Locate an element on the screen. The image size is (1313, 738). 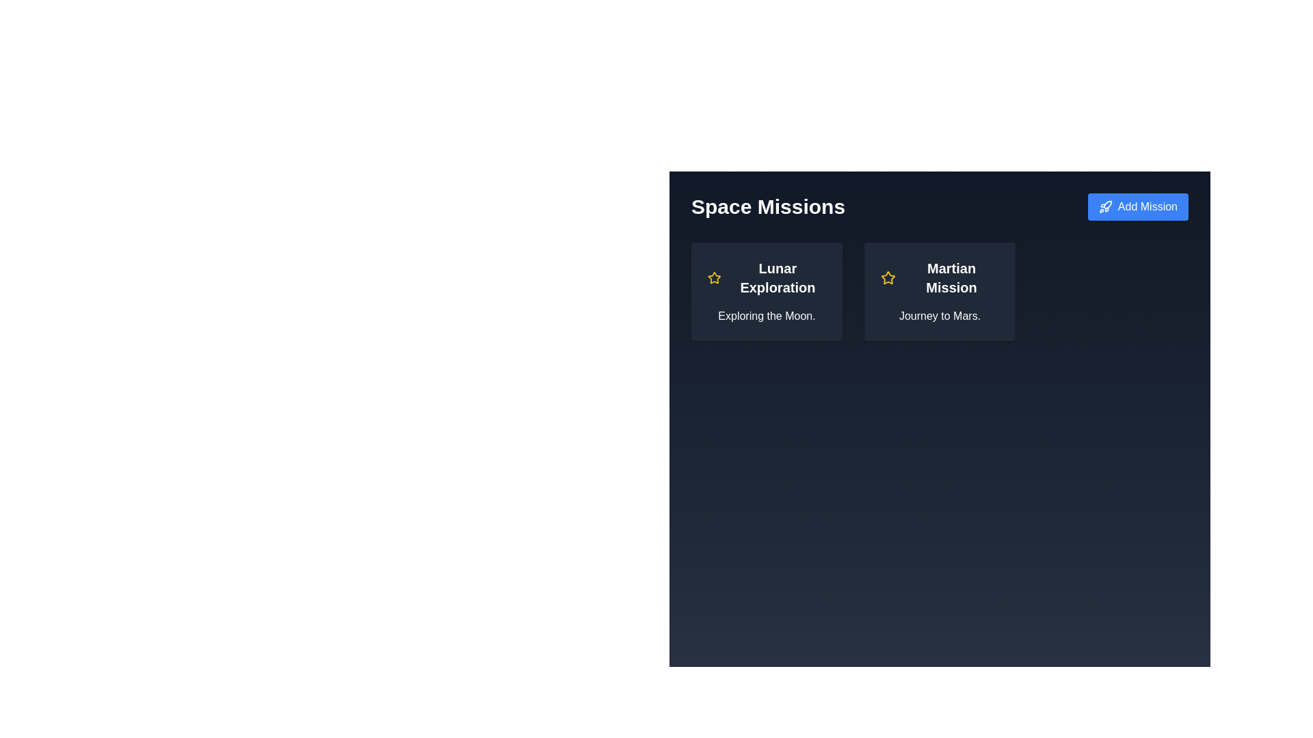
the rocket icon located in the top-right corner of the interface, which is part of the 'Add Mission' button is located at coordinates (1107, 205).